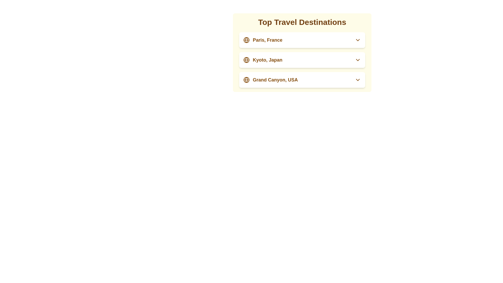 Image resolution: width=503 pixels, height=283 pixels. Describe the element at coordinates (270, 80) in the screenshot. I see `the text and globe icon displaying 'Grand Canyon, USA', which is the third item in the vertical list` at that location.